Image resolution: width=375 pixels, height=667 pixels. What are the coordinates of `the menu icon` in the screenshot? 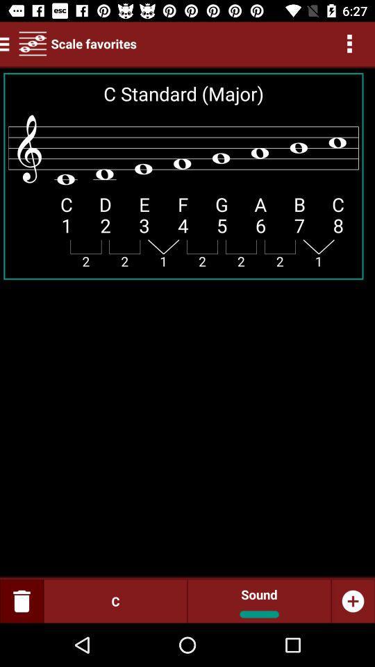 It's located at (6, 43).